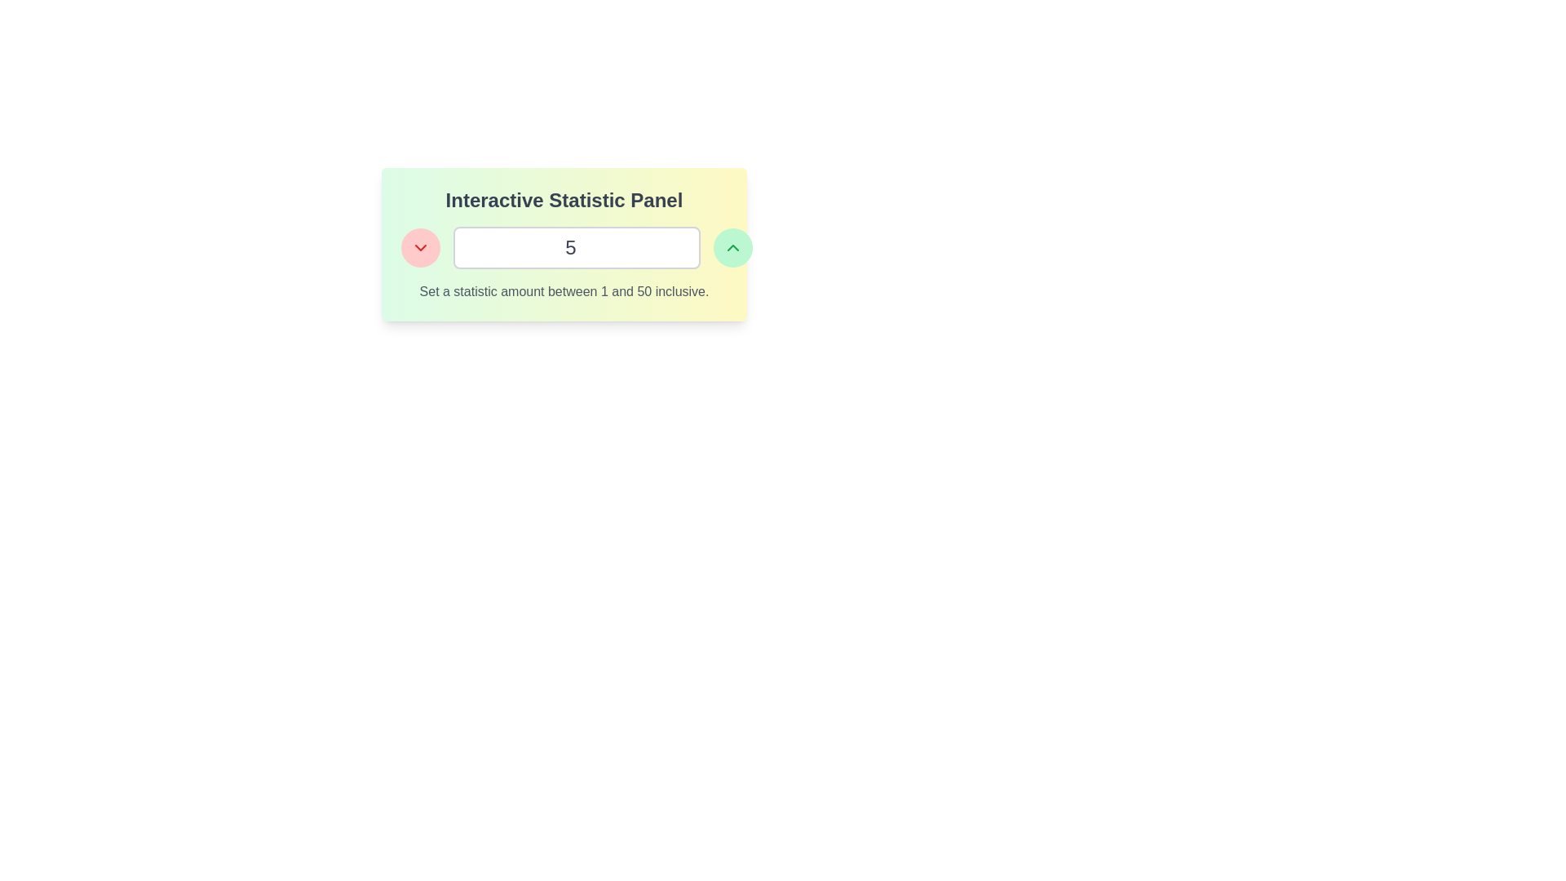  Describe the element at coordinates (564, 291) in the screenshot. I see `the Text Label that provides instructions for the numerical input field above it, located just below the numerical input box and arrow buttons` at that location.